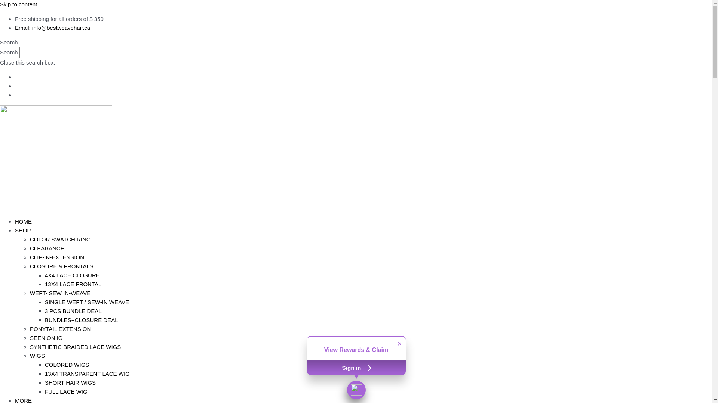 The width and height of the screenshot is (718, 403). Describe the element at coordinates (61, 266) in the screenshot. I see `'CLOSURE & FRONTALS'` at that location.